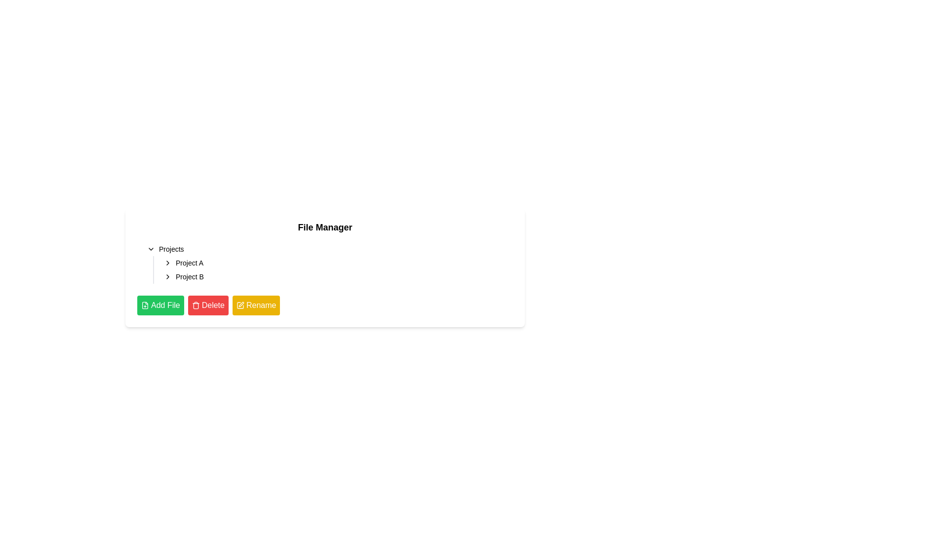  Describe the element at coordinates (256, 305) in the screenshot. I see `the rename button located at the bottom center of the 'File Manager' card` at that location.